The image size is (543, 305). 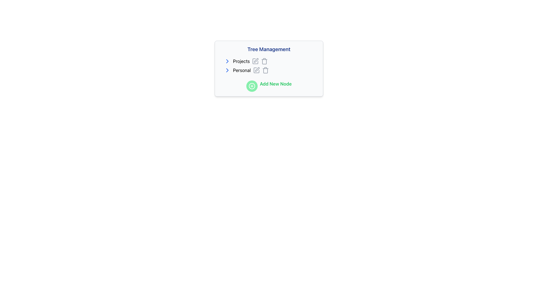 What do you see at coordinates (260, 61) in the screenshot?
I see `the edit button in the grouping of action icons located in the 'Projects' section to initiate edit functionality` at bounding box center [260, 61].